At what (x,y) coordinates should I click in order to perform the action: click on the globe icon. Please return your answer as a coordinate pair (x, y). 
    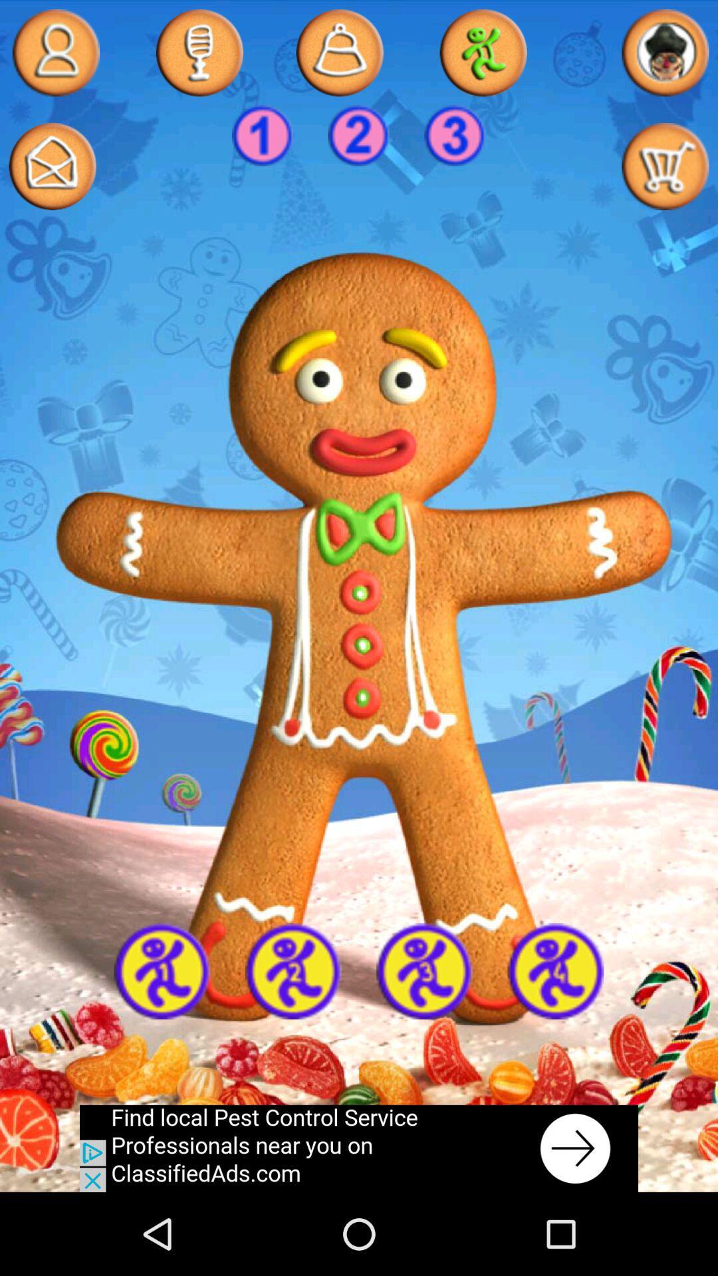
    Looking at the image, I should click on (454, 144).